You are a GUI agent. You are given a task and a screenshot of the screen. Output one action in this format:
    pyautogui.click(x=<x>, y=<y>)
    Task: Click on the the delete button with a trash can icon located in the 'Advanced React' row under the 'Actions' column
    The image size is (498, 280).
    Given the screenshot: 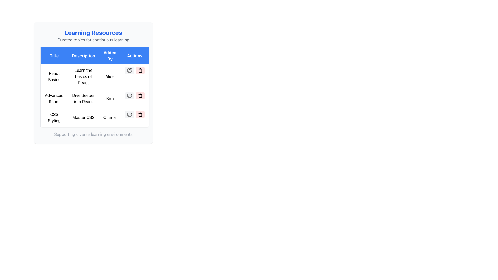 What is the action you would take?
    pyautogui.click(x=140, y=96)
    